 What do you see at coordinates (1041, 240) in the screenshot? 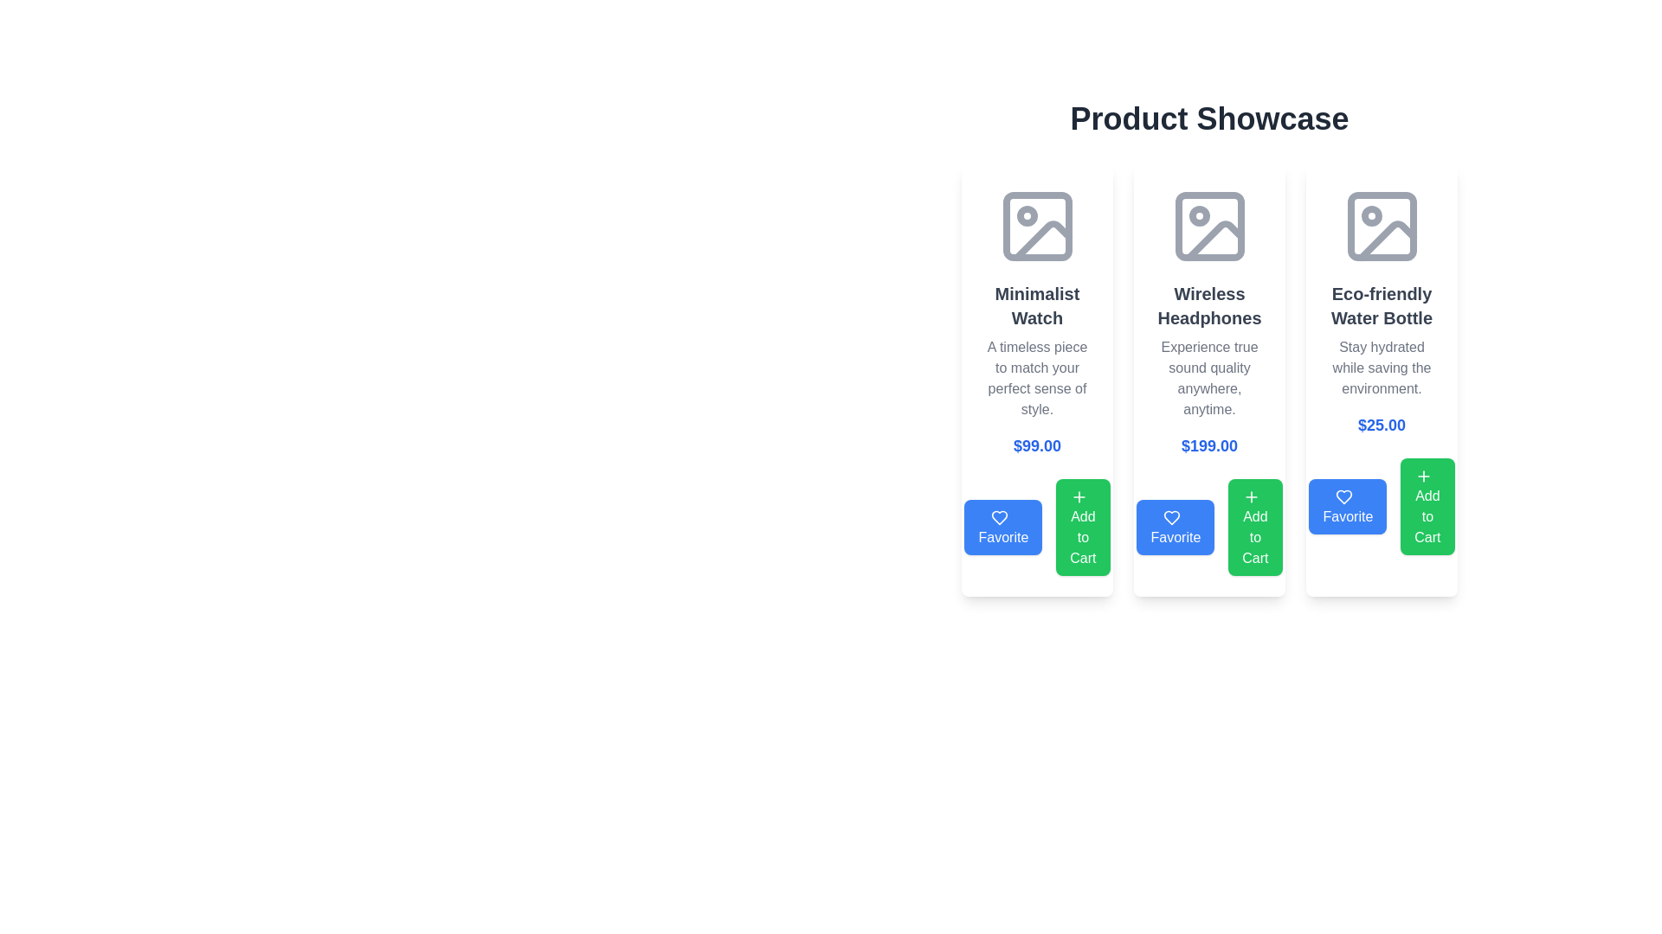
I see `the vector graphic element representing the 'Minimalist Watch' located in the leftmost card of the product showcase section, centered at the top of the card` at bounding box center [1041, 240].